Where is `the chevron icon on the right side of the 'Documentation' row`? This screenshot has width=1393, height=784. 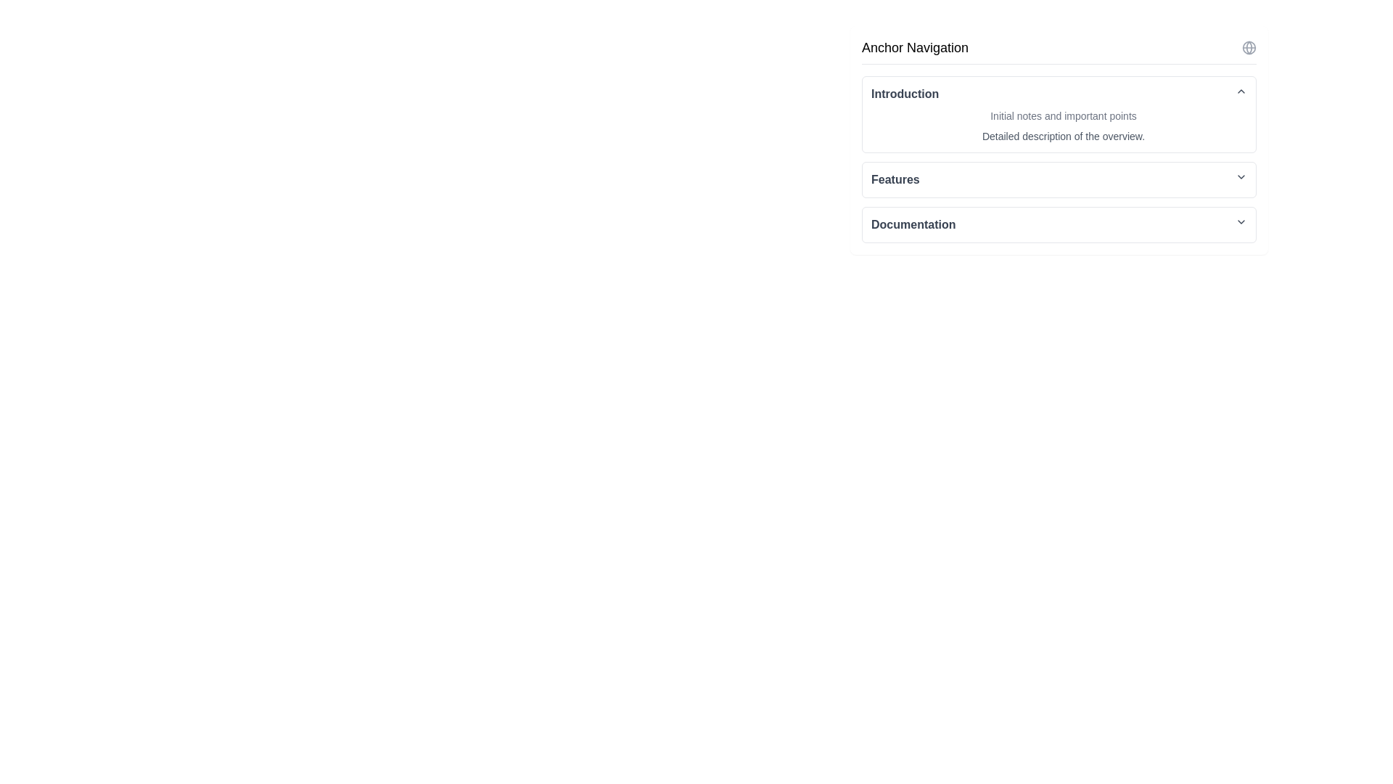 the chevron icon on the right side of the 'Documentation' row is located at coordinates (1240, 221).